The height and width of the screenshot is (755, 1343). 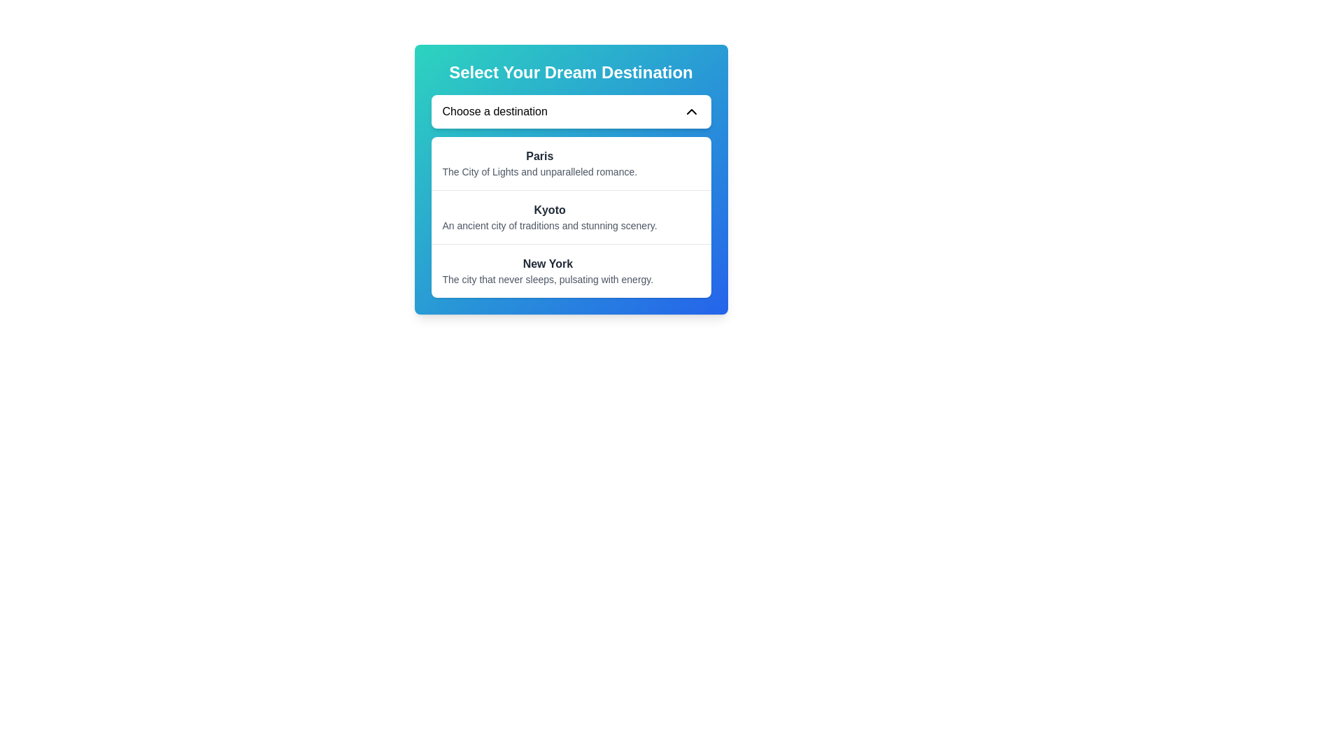 I want to click on the rectangular white dropdown menu labeled 'Choose a destination', so click(x=571, y=110).